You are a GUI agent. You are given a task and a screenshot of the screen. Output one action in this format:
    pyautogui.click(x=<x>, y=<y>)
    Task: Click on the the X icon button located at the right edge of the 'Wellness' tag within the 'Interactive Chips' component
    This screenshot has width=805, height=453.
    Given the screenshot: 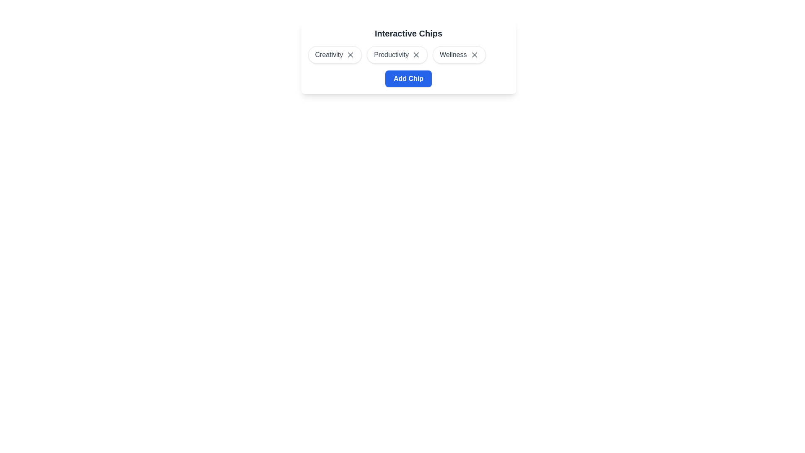 What is the action you would take?
    pyautogui.click(x=474, y=55)
    